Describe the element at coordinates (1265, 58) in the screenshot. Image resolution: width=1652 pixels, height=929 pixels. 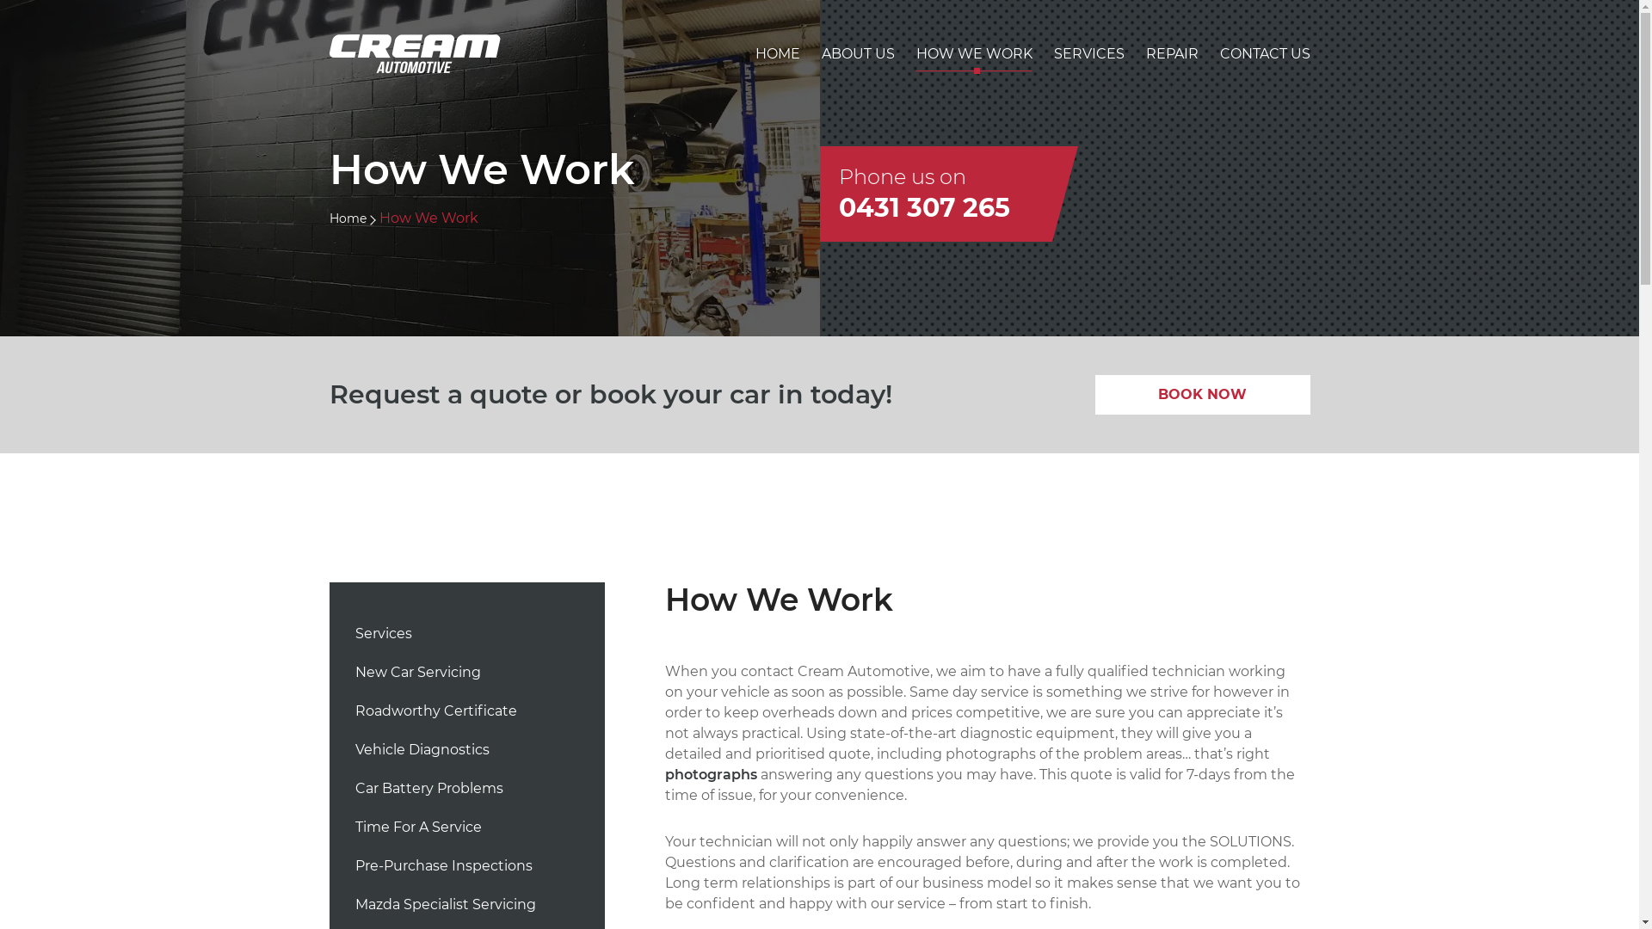
I see `'CONTACT US'` at that location.